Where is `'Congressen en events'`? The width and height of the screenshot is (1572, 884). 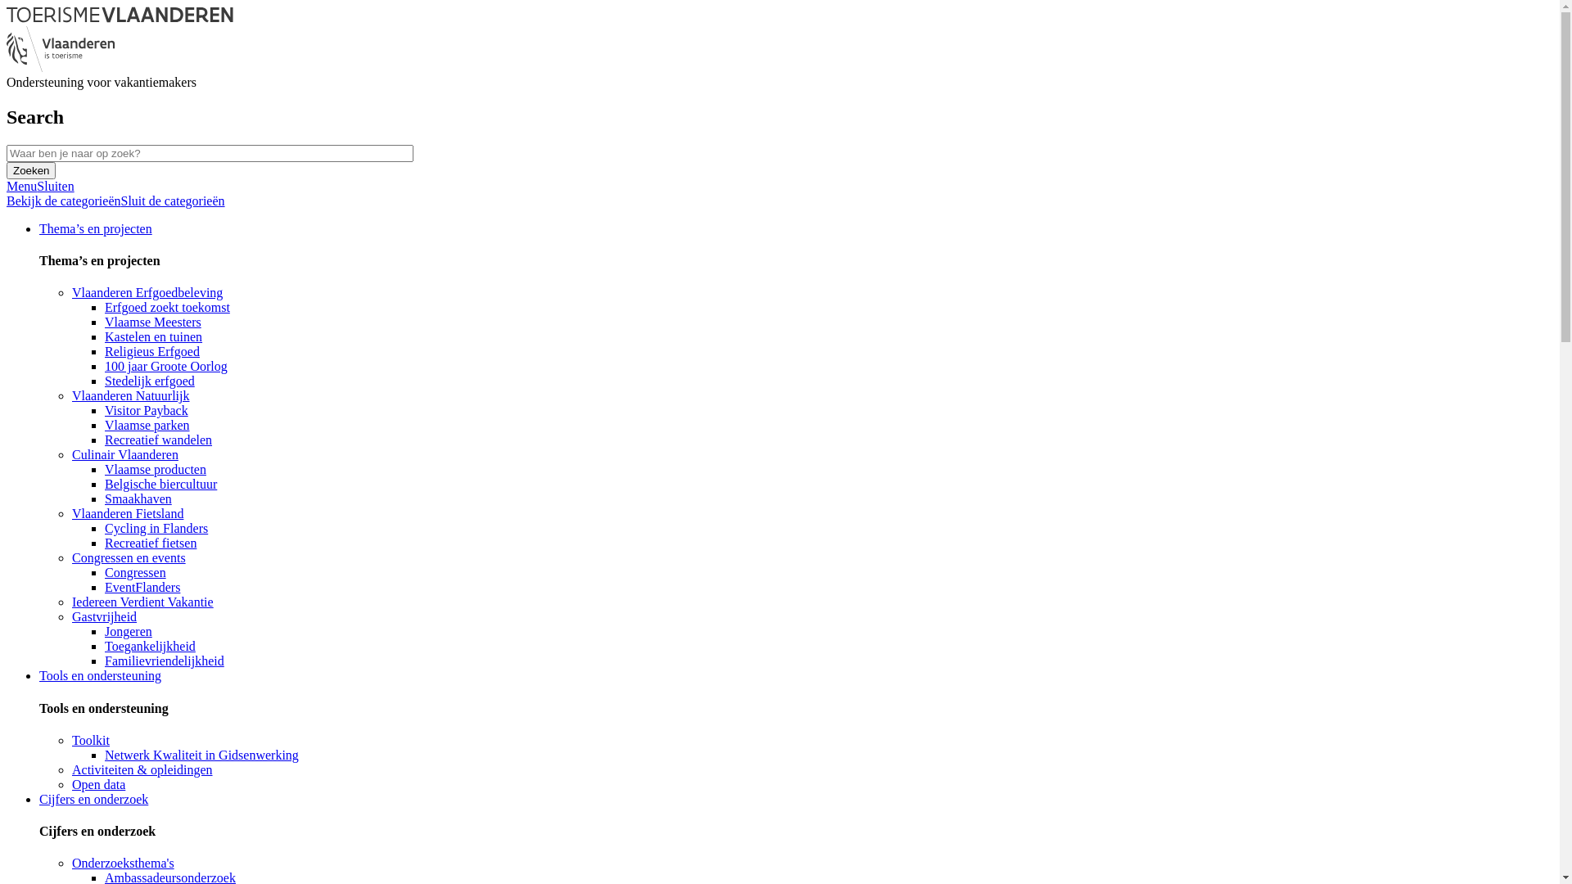
'Congressen en events' is located at coordinates (128, 557).